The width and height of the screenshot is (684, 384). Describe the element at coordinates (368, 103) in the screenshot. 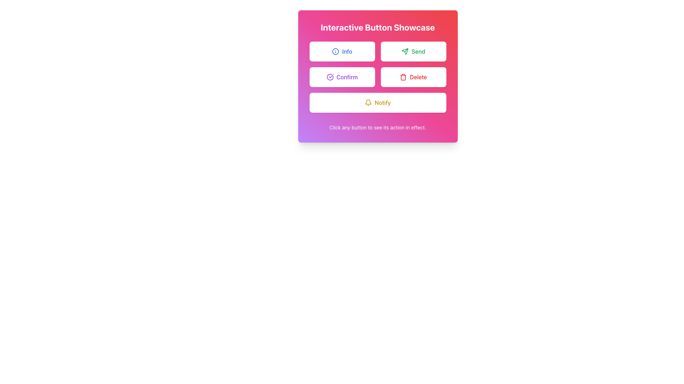

I see `the notification icon located to the left of the 'Notify' text within the button at the bottom-center of the interactive button grid` at that location.